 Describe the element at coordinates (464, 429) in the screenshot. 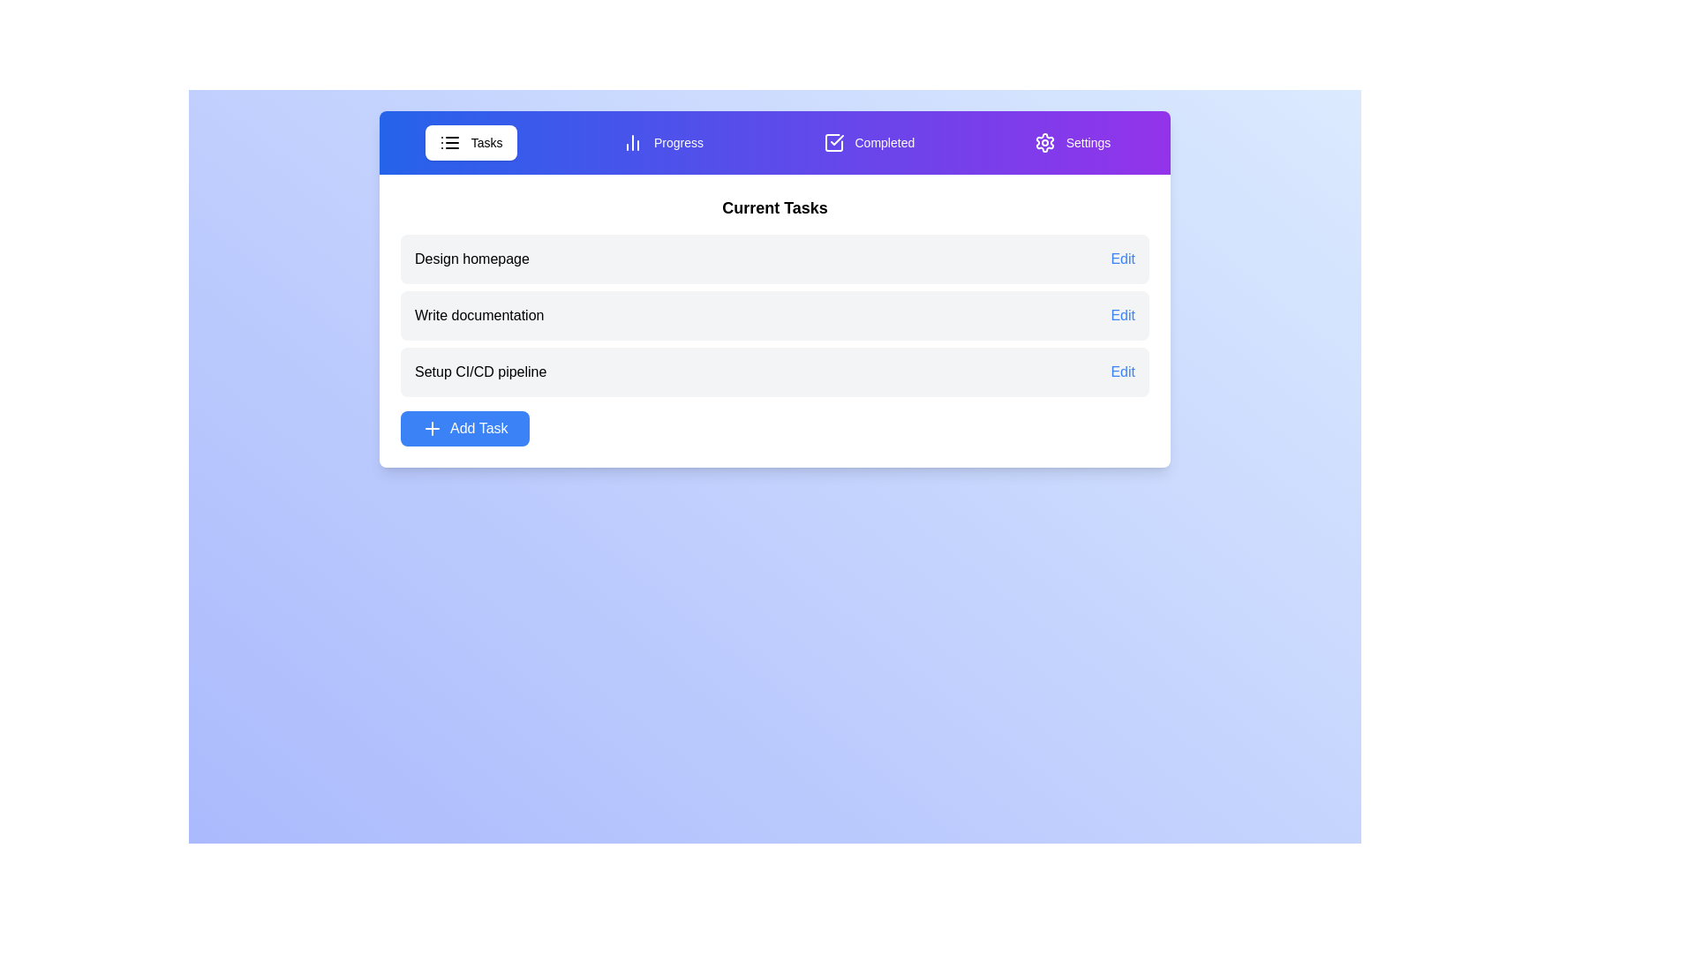

I see `the 'Add Task' button at the bottom of the 'Current Tasks' list to initiate the task creation process` at that location.